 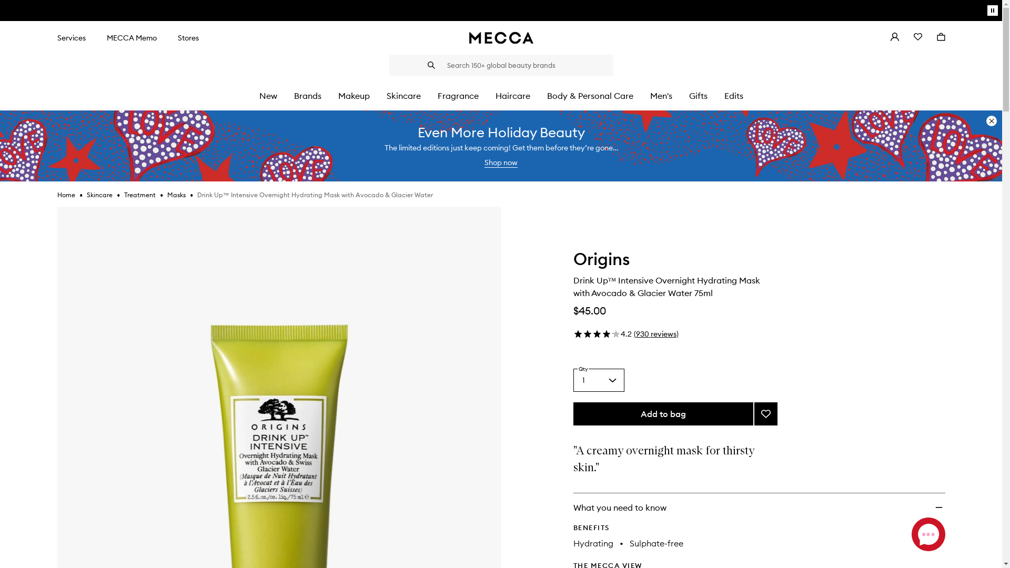 What do you see at coordinates (188, 37) in the screenshot?
I see `'Stores'` at bounding box center [188, 37].